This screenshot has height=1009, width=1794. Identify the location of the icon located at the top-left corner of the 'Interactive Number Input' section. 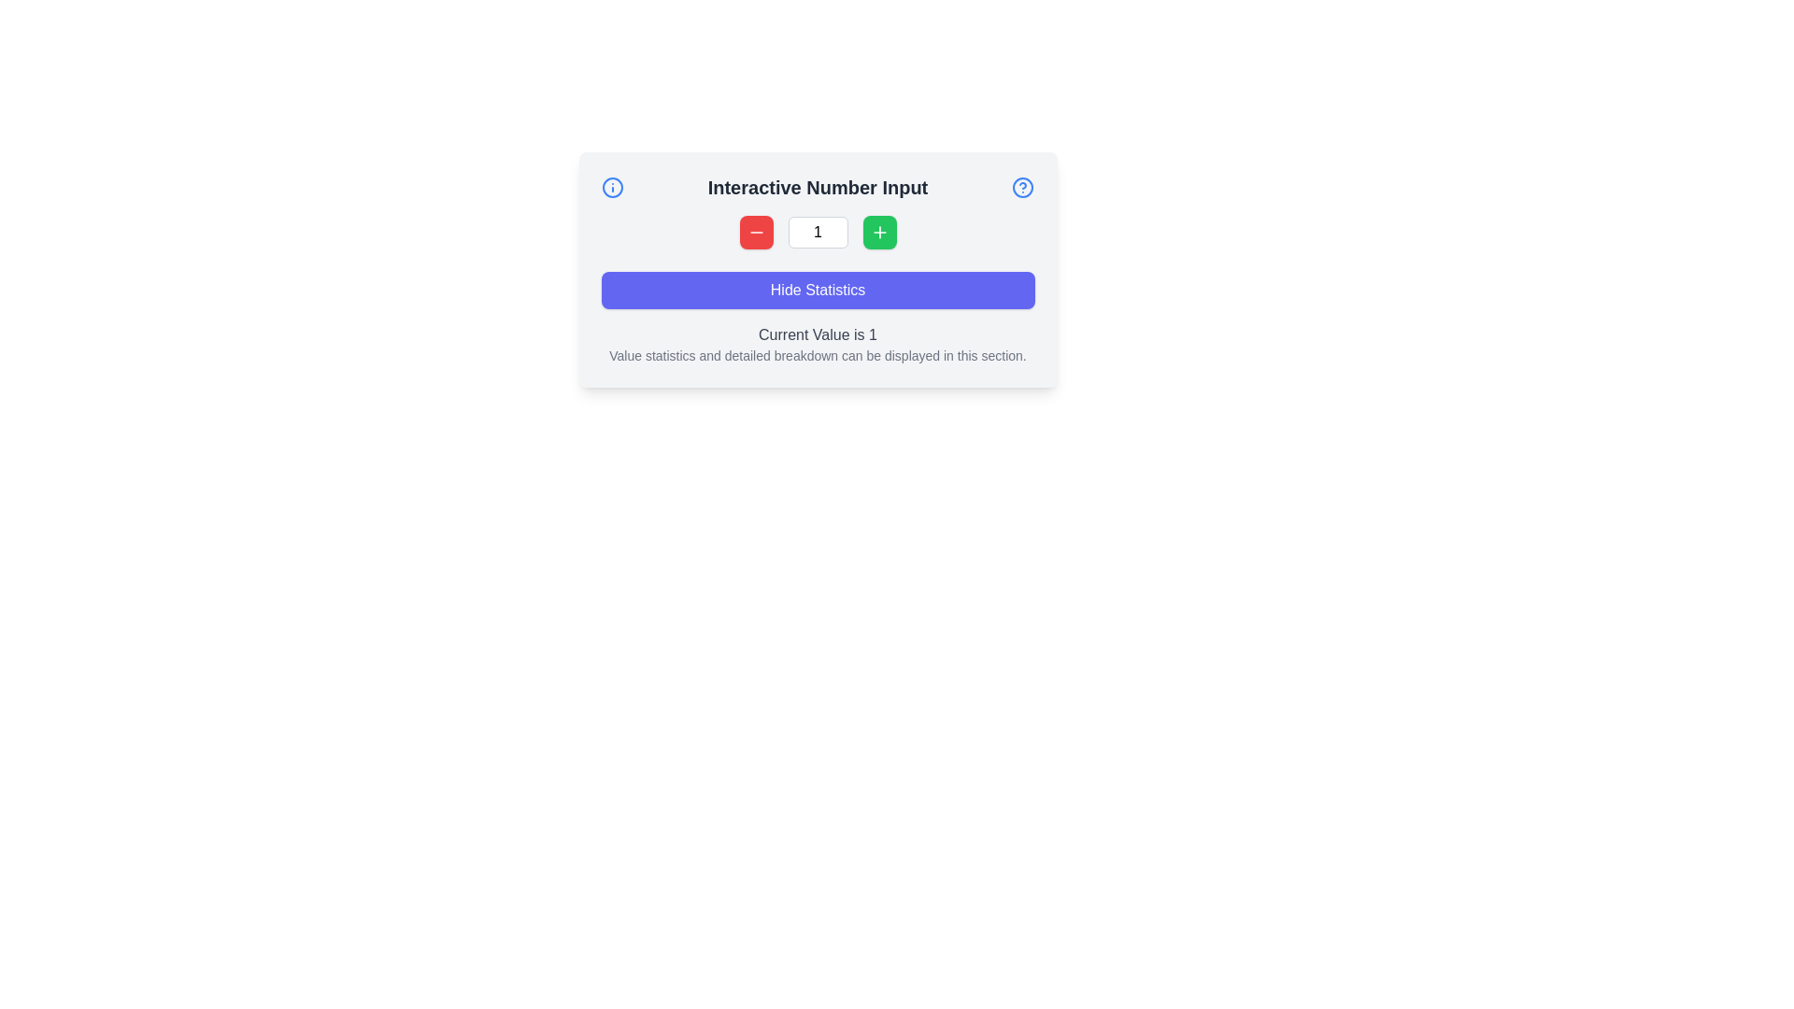
(612, 187).